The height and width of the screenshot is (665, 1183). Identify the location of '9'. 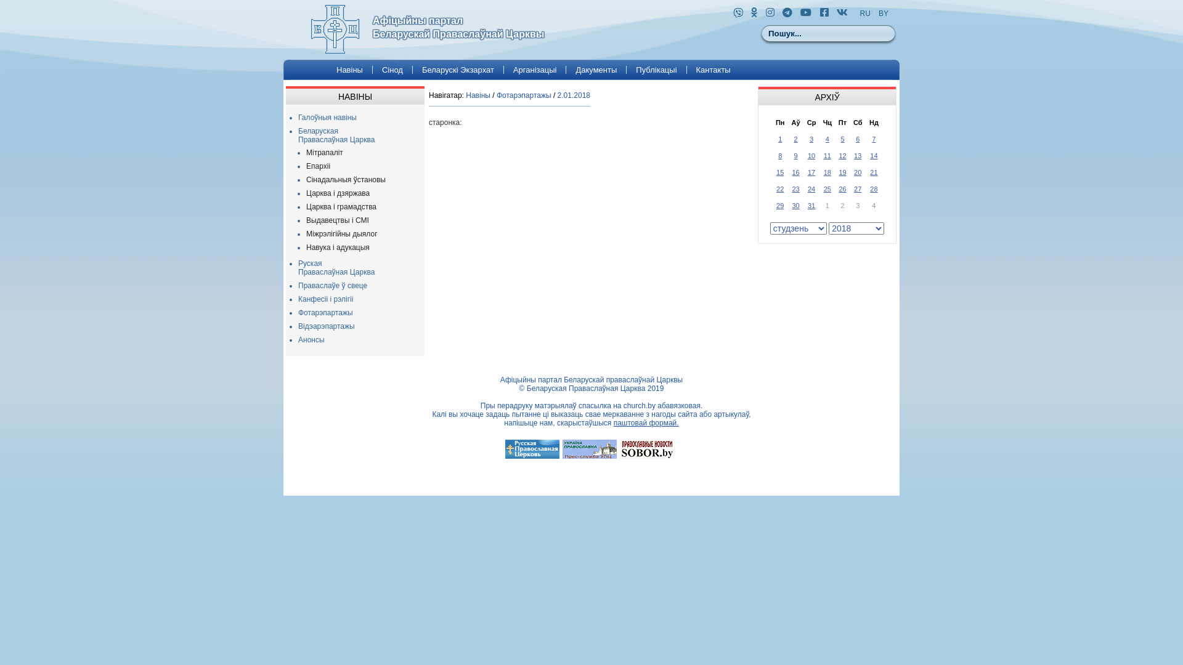
(793, 154).